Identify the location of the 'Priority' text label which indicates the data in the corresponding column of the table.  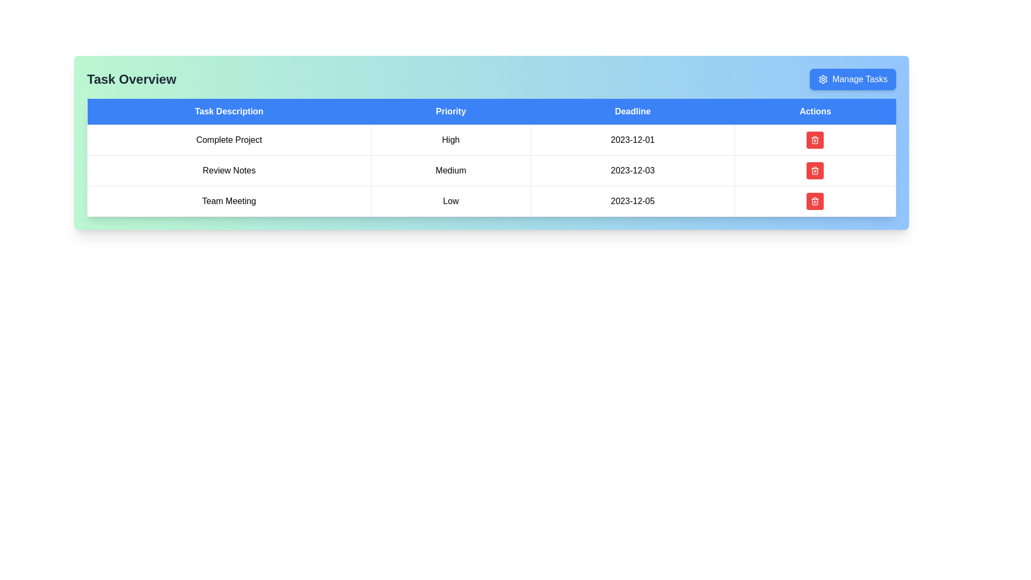
(451, 112).